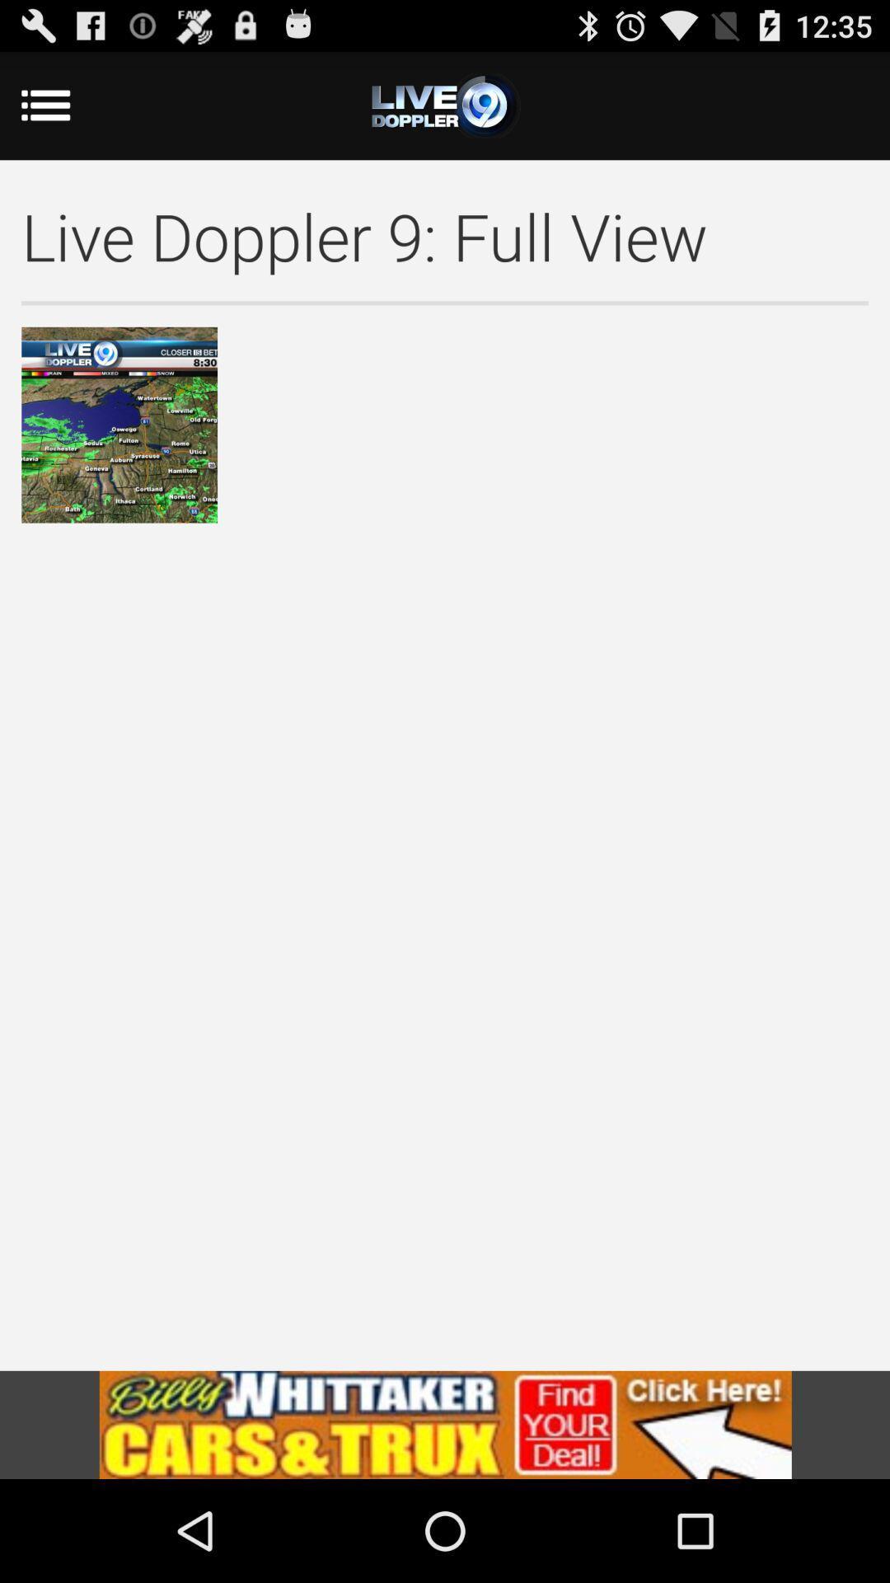 This screenshot has width=890, height=1583. Describe the element at coordinates (445, 1424) in the screenshot. I see `the item at the bottom` at that location.